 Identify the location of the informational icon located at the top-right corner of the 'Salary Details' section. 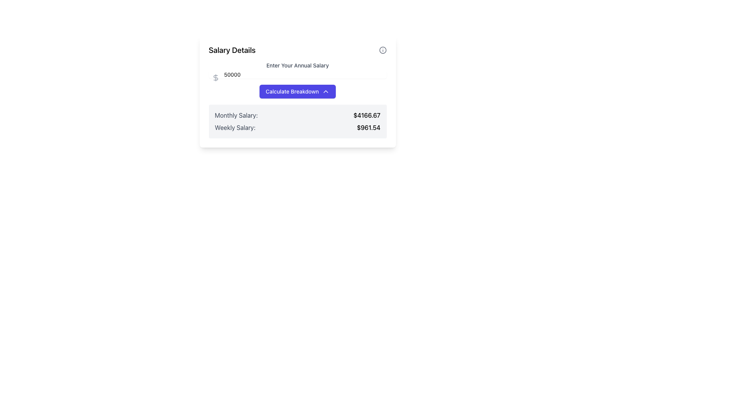
(383, 50).